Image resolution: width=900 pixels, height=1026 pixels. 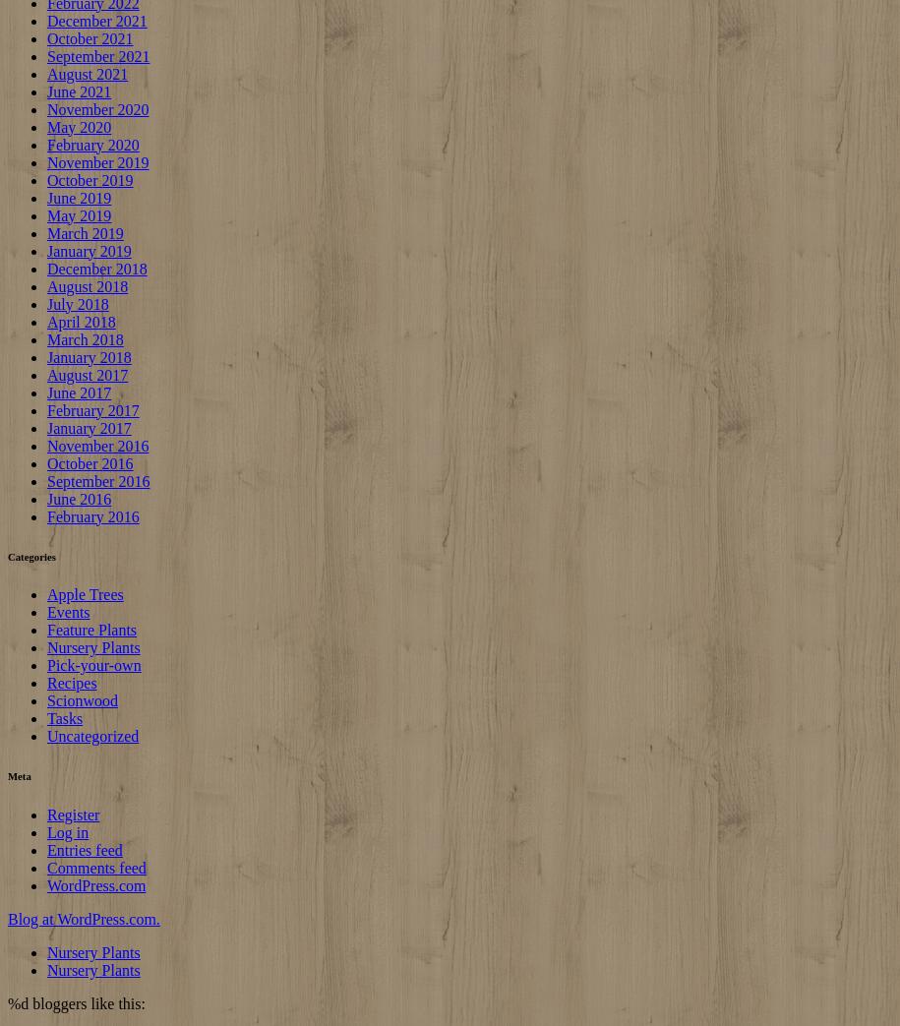 What do you see at coordinates (91, 515) in the screenshot?
I see `'February 2016'` at bounding box center [91, 515].